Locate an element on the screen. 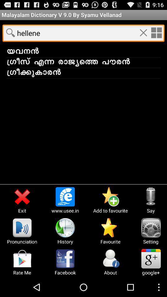 The width and height of the screenshot is (167, 297). search is located at coordinates (10, 32).